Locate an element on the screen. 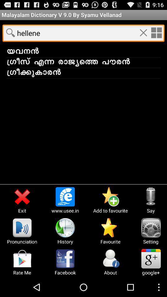 The width and height of the screenshot is (167, 297). search is located at coordinates (10, 32).